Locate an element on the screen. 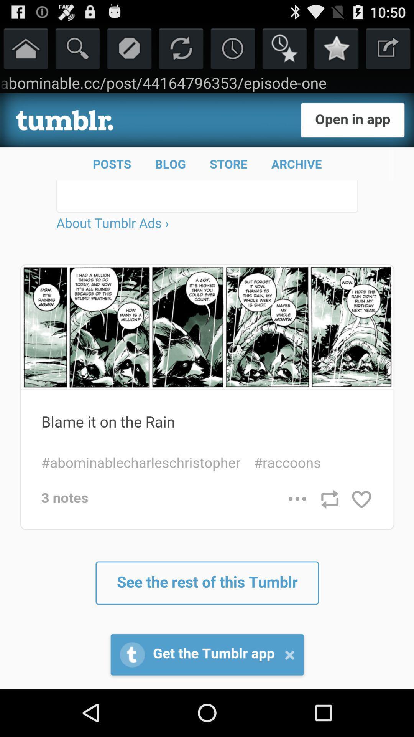  home is located at coordinates (25, 48).